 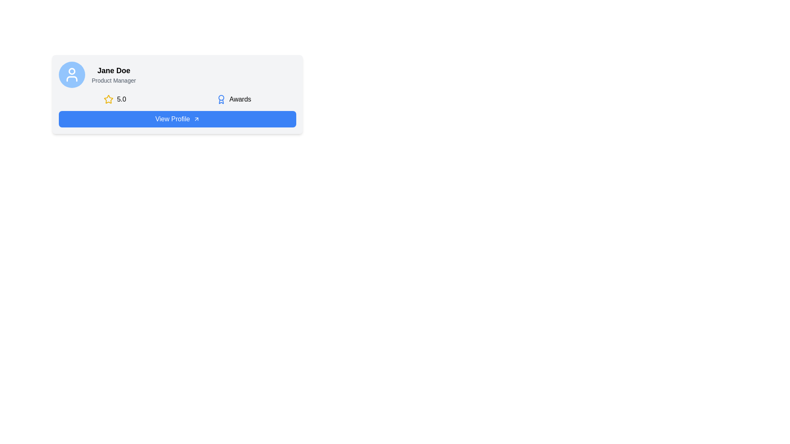 I want to click on the small circular SVG element located at the top of the profile avatar area within the user's profile card, so click(x=72, y=71).